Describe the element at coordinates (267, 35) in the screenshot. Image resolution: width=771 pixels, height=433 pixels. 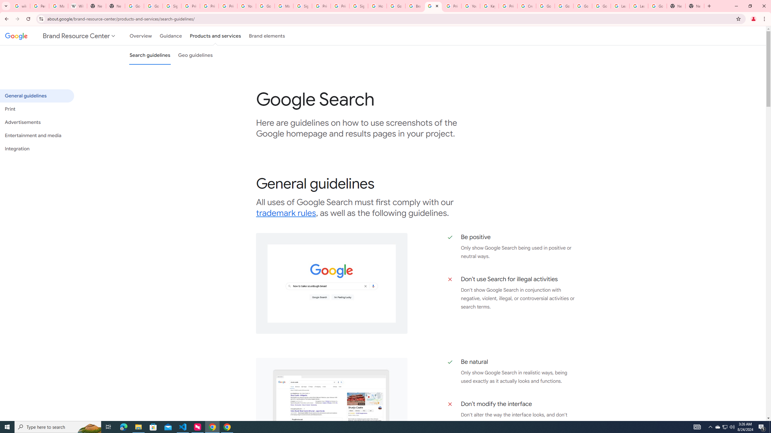
I see `'Brand elements'` at that location.